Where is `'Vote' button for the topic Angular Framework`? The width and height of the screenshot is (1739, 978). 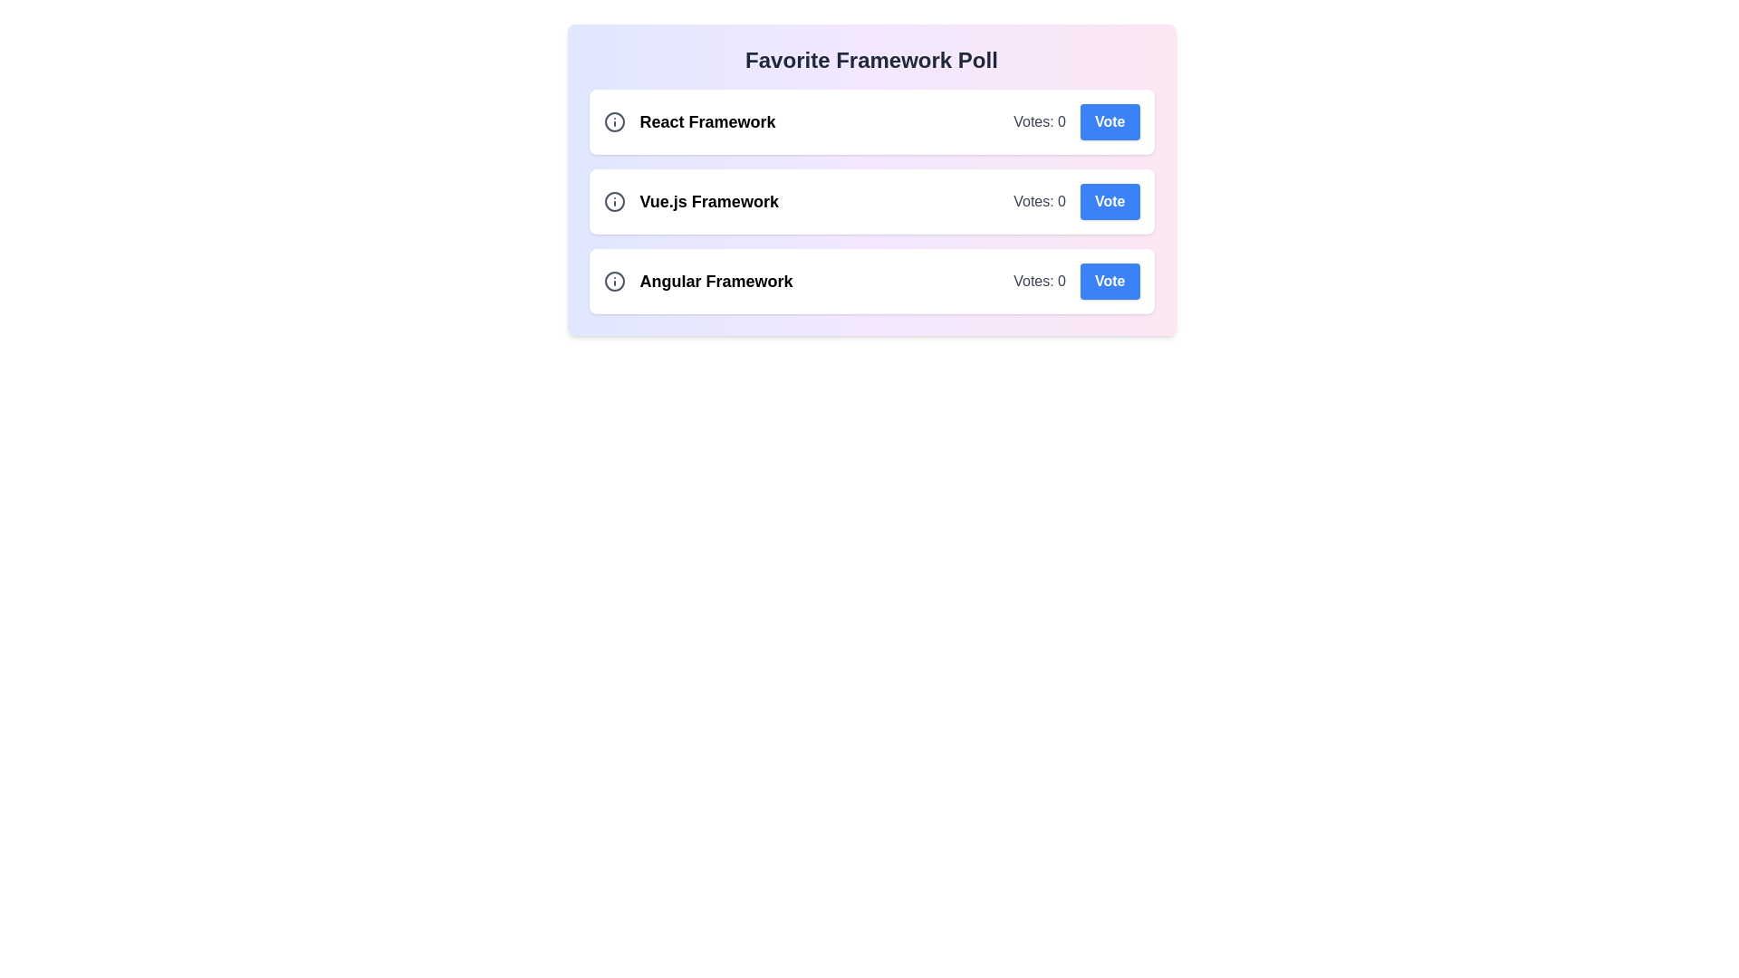 'Vote' button for the topic Angular Framework is located at coordinates (1109, 282).